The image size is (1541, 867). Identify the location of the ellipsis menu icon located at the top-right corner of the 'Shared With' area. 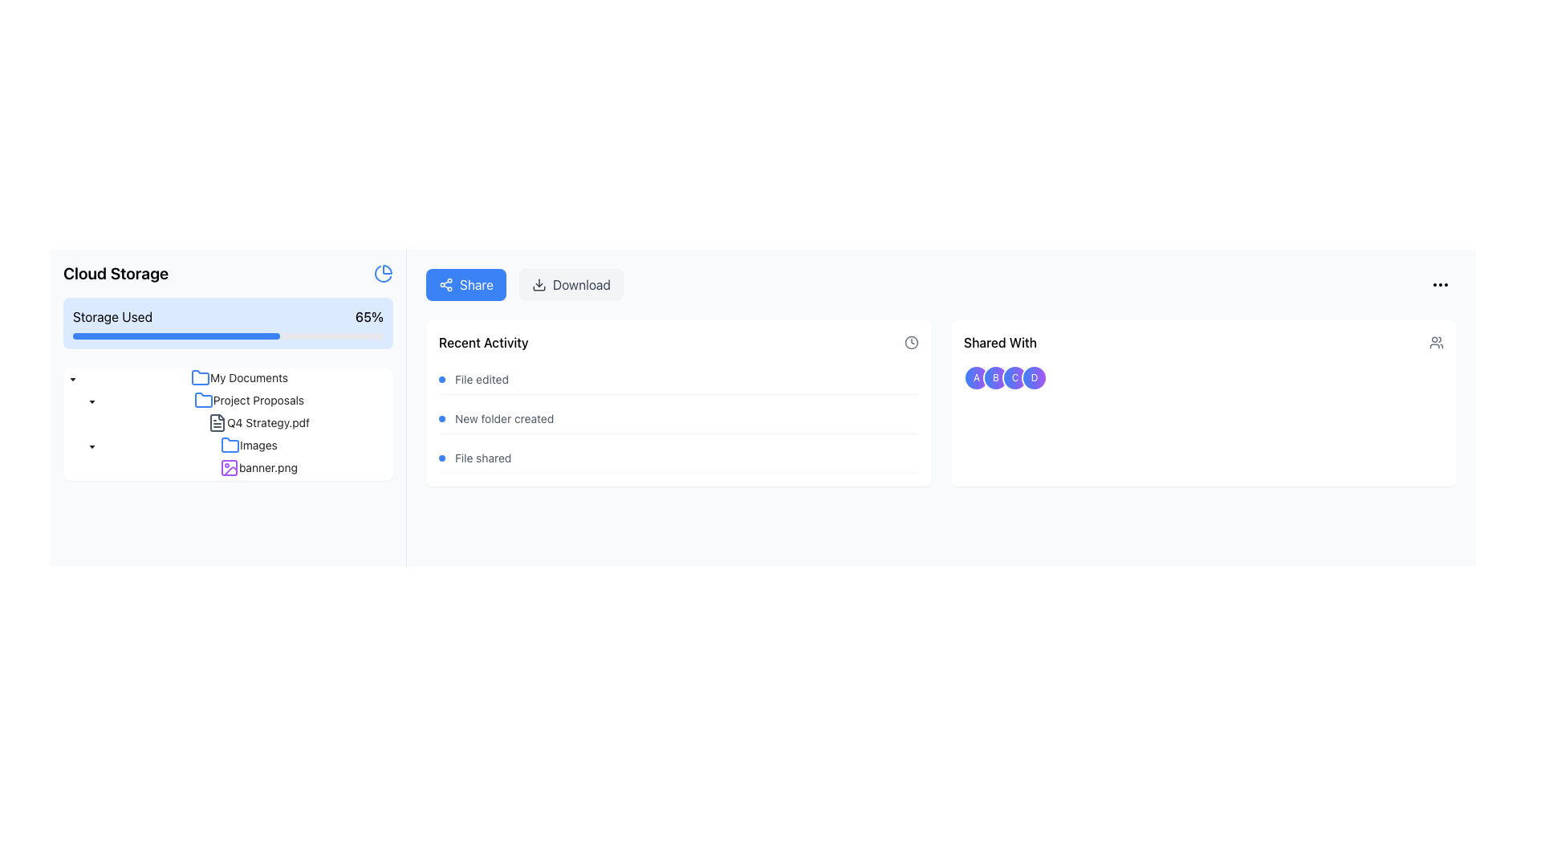
(1441, 283).